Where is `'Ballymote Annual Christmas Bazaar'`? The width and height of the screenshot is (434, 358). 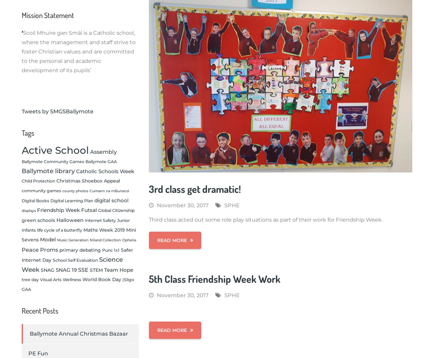 'Ballymote Annual Christmas Bazaar' is located at coordinates (78, 333).